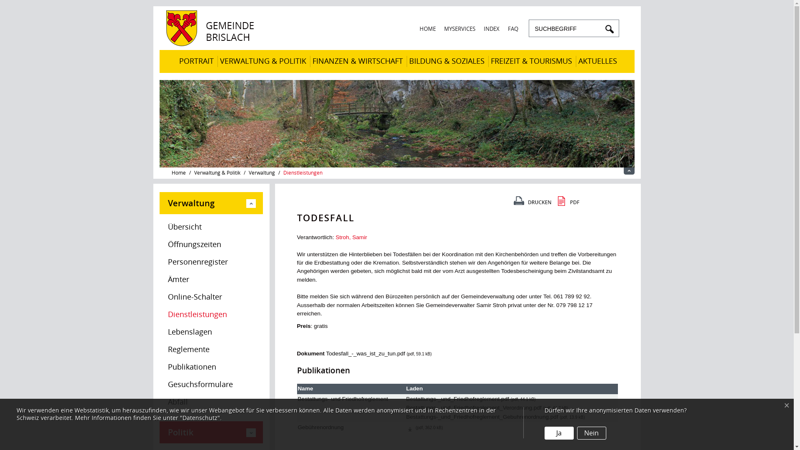 The height and width of the screenshot is (450, 800). I want to click on 'Reglemente', so click(159, 350).